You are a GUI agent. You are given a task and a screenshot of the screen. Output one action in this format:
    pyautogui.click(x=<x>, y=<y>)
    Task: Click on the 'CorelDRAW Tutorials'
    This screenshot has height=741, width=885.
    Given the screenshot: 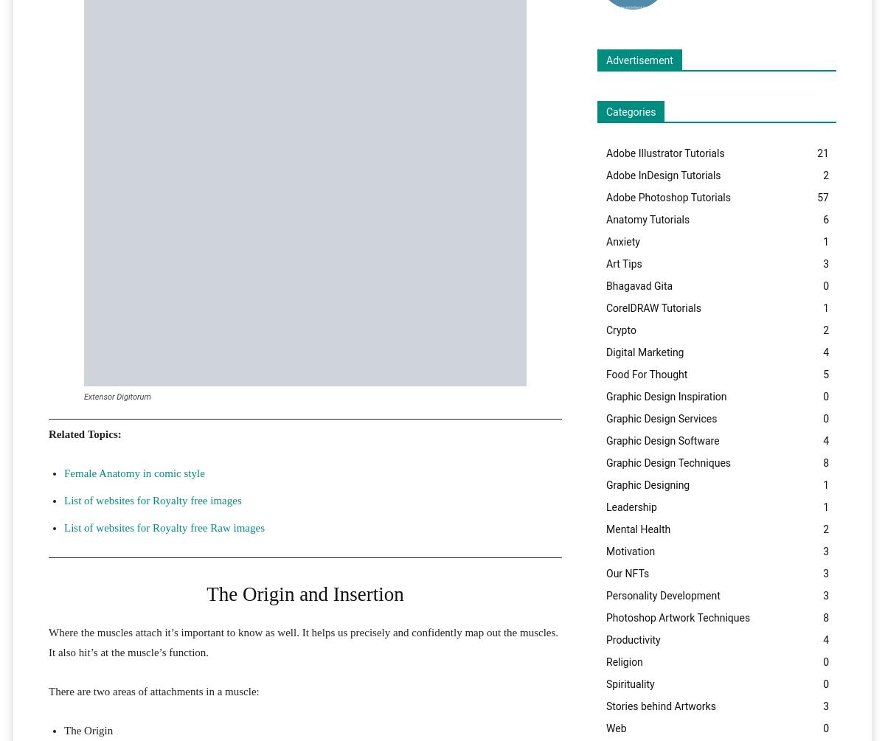 What is the action you would take?
    pyautogui.click(x=652, y=307)
    